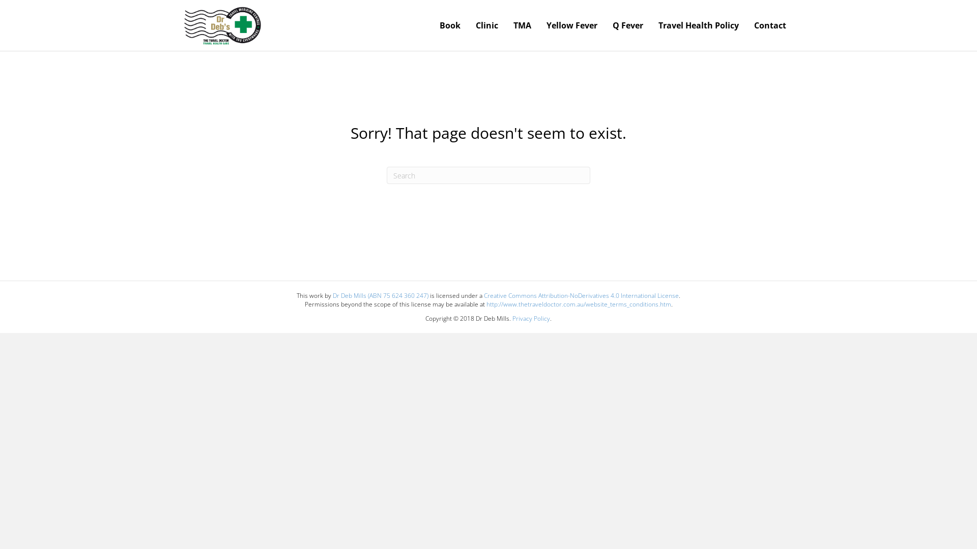  Describe the element at coordinates (489, 174) in the screenshot. I see `'Type and press Enter to search.'` at that location.